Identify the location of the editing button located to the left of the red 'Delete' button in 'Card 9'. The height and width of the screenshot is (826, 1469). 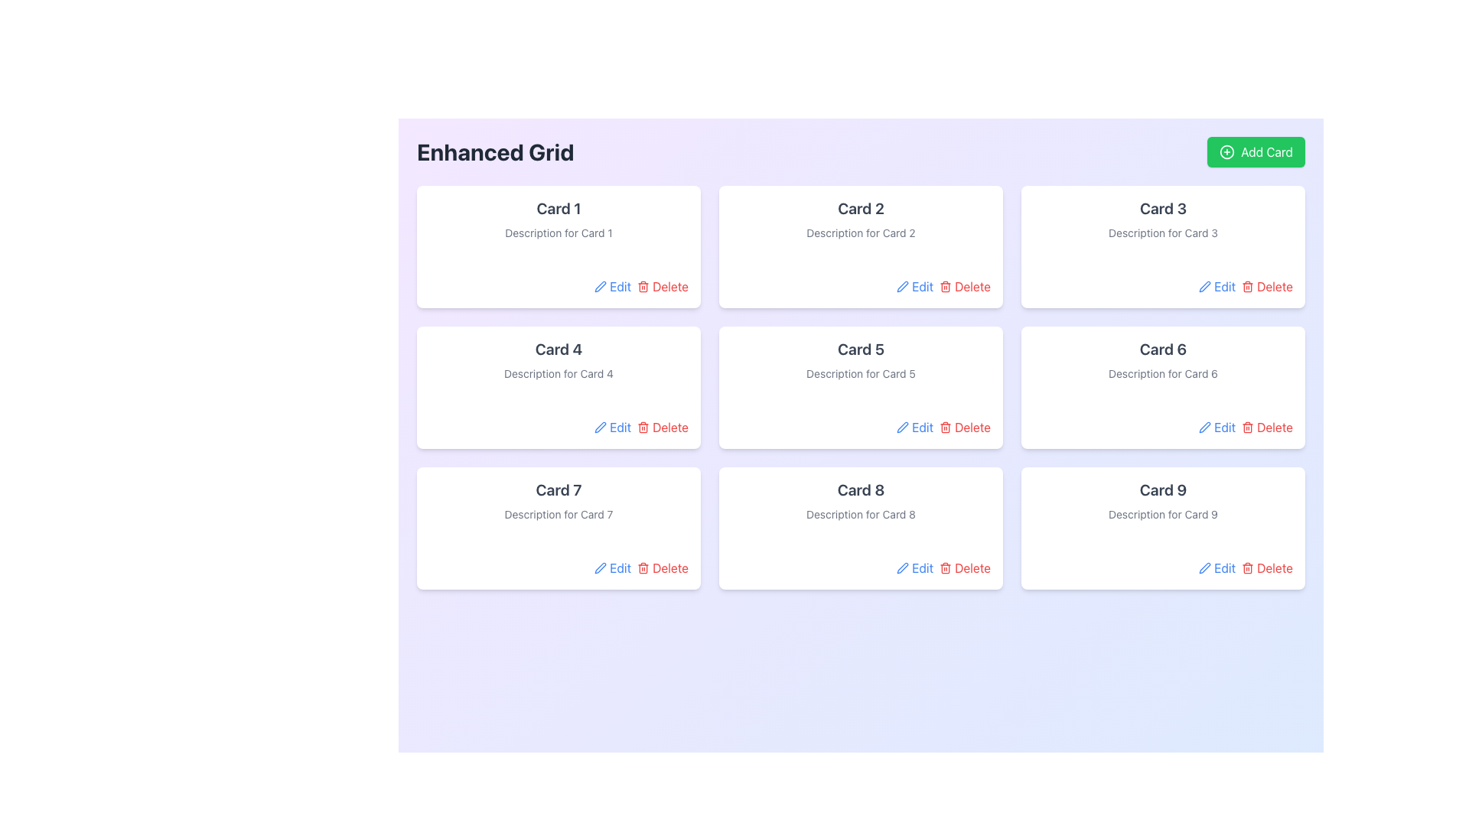
(1204, 568).